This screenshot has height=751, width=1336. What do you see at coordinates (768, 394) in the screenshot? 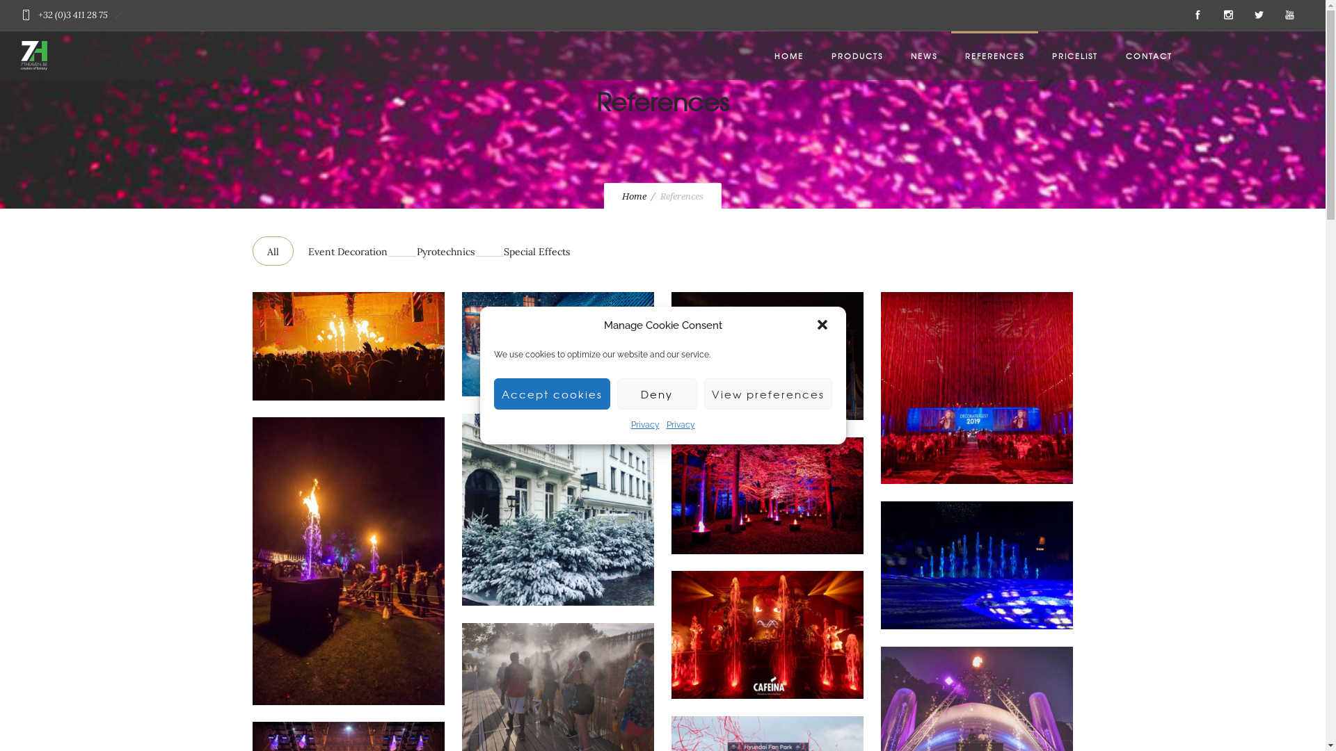
I see `'View preferences'` at bounding box center [768, 394].